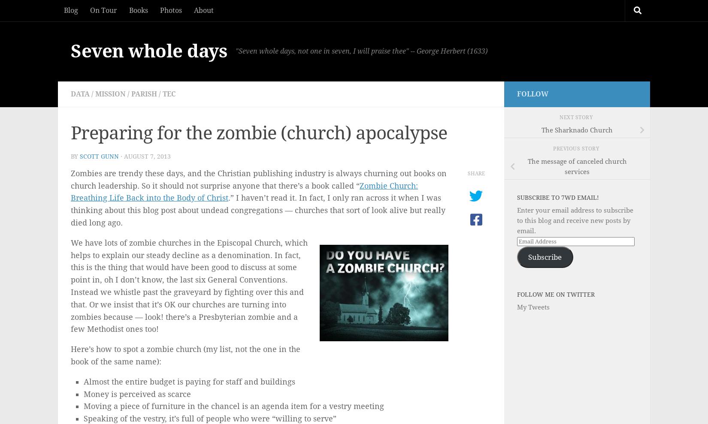 The image size is (708, 424). I want to click on 'August 7, 2013', so click(124, 155).